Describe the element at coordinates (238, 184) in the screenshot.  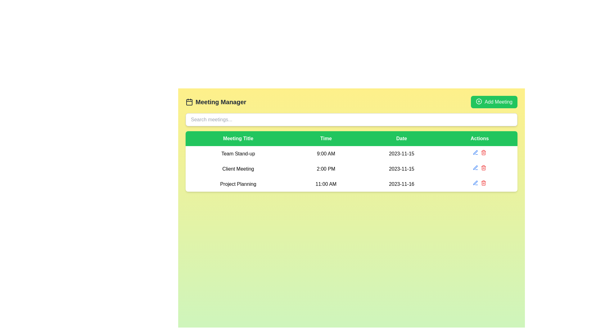
I see `the 'Project Planning' text label, which is part of a structured list under the 'Meeting Title' column, located in the third row with centered black text on a white background` at that location.